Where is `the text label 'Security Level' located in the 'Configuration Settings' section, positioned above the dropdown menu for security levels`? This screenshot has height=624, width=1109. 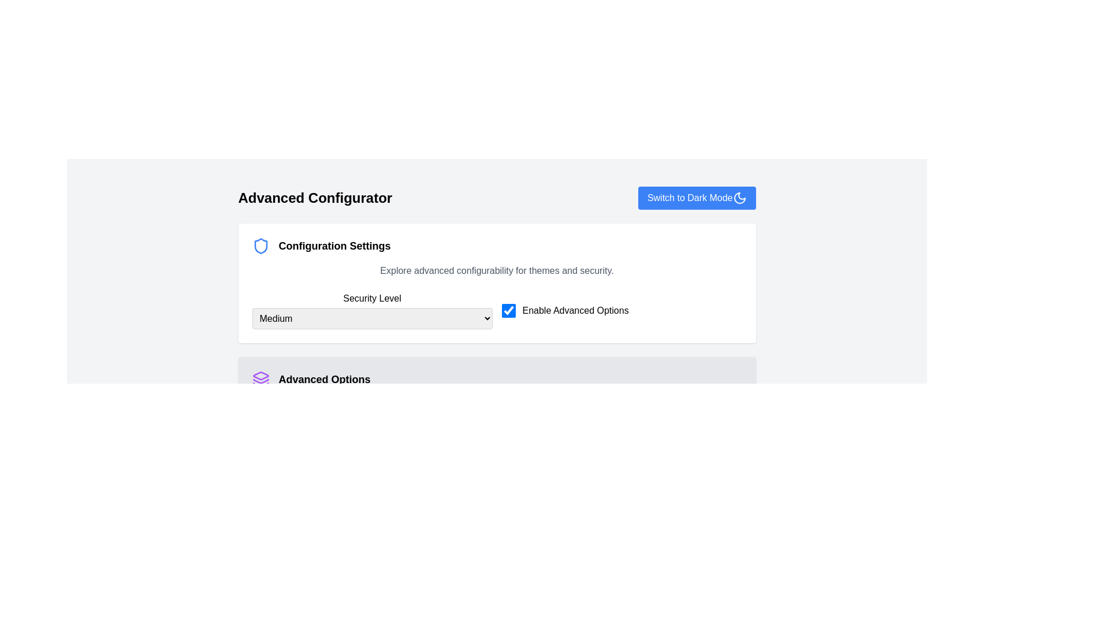
the text label 'Security Level' located in the 'Configuration Settings' section, positioned above the dropdown menu for security levels is located at coordinates (372, 298).